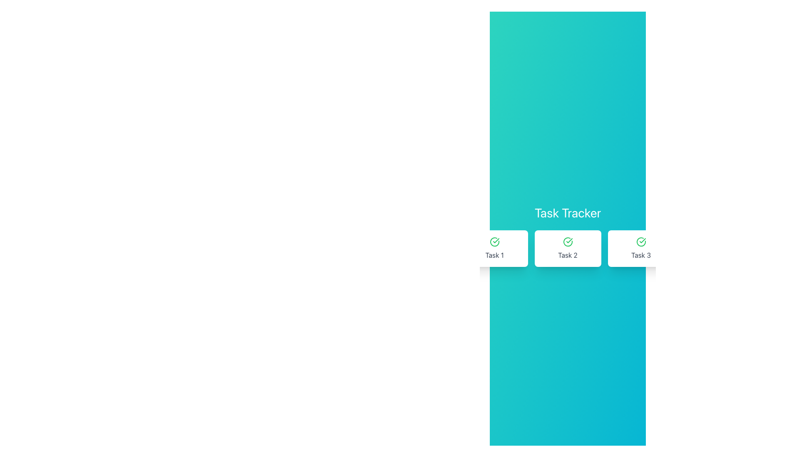 This screenshot has width=799, height=449. I want to click on the 'Task 3' text label located at the bottom of the third card in the 'Task Tracker' section, beneath the green checkmark icon, so click(640, 254).